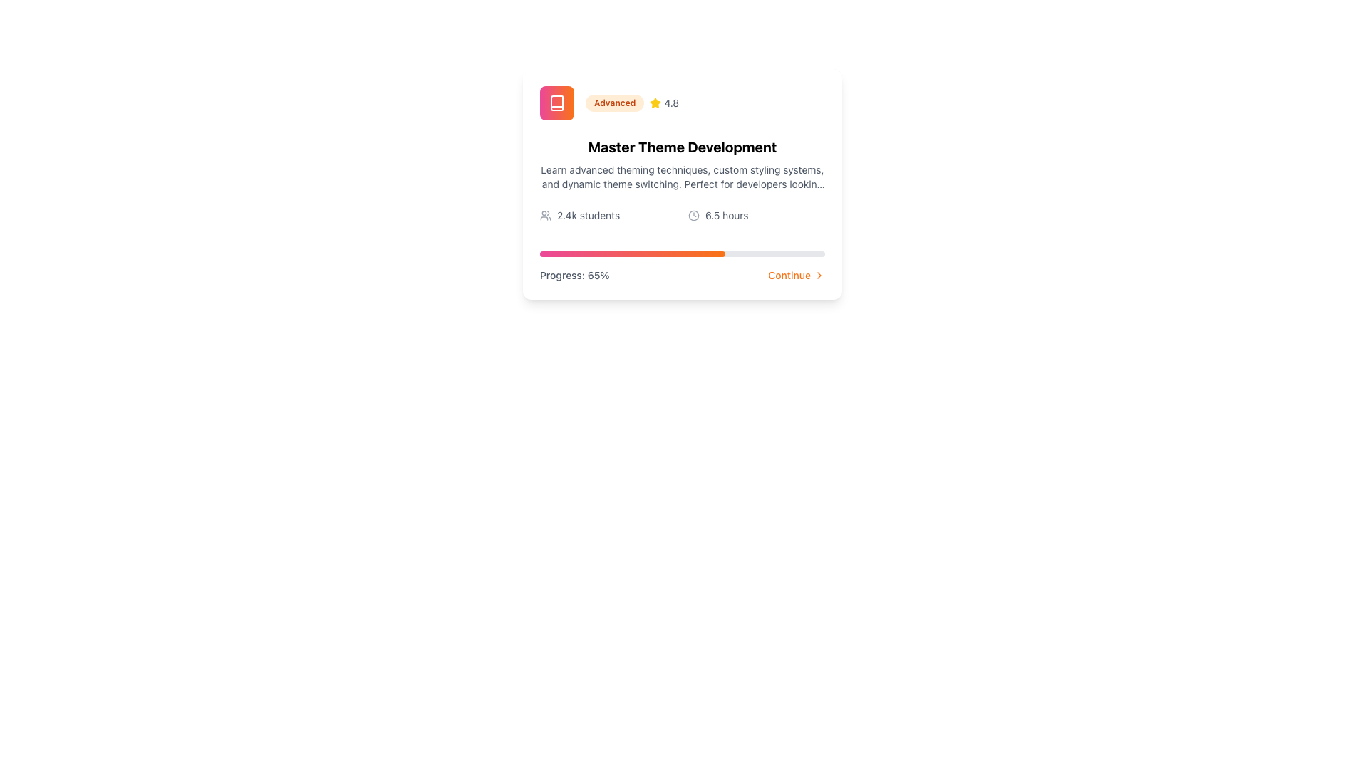  Describe the element at coordinates (589, 216) in the screenshot. I see `the Text Display element that shows '2.4k students', which is styled in a small sans-serif font and gray color, positioned to the right of a user group icon` at that location.